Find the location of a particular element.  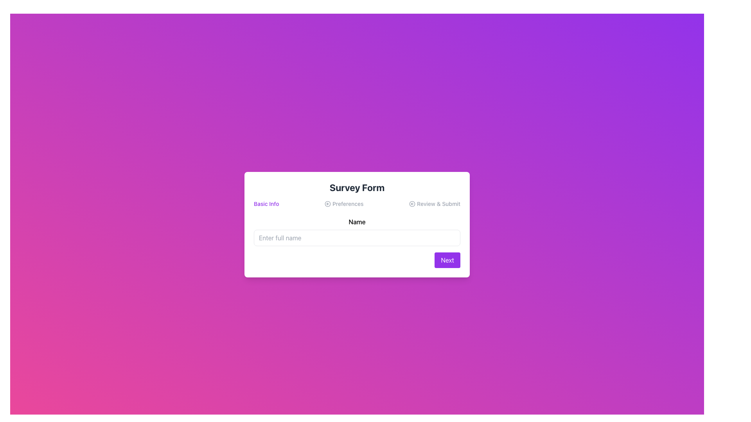

the 'Preferences' navigation label with a left arrow icon in the survey form modal is located at coordinates (344, 203).